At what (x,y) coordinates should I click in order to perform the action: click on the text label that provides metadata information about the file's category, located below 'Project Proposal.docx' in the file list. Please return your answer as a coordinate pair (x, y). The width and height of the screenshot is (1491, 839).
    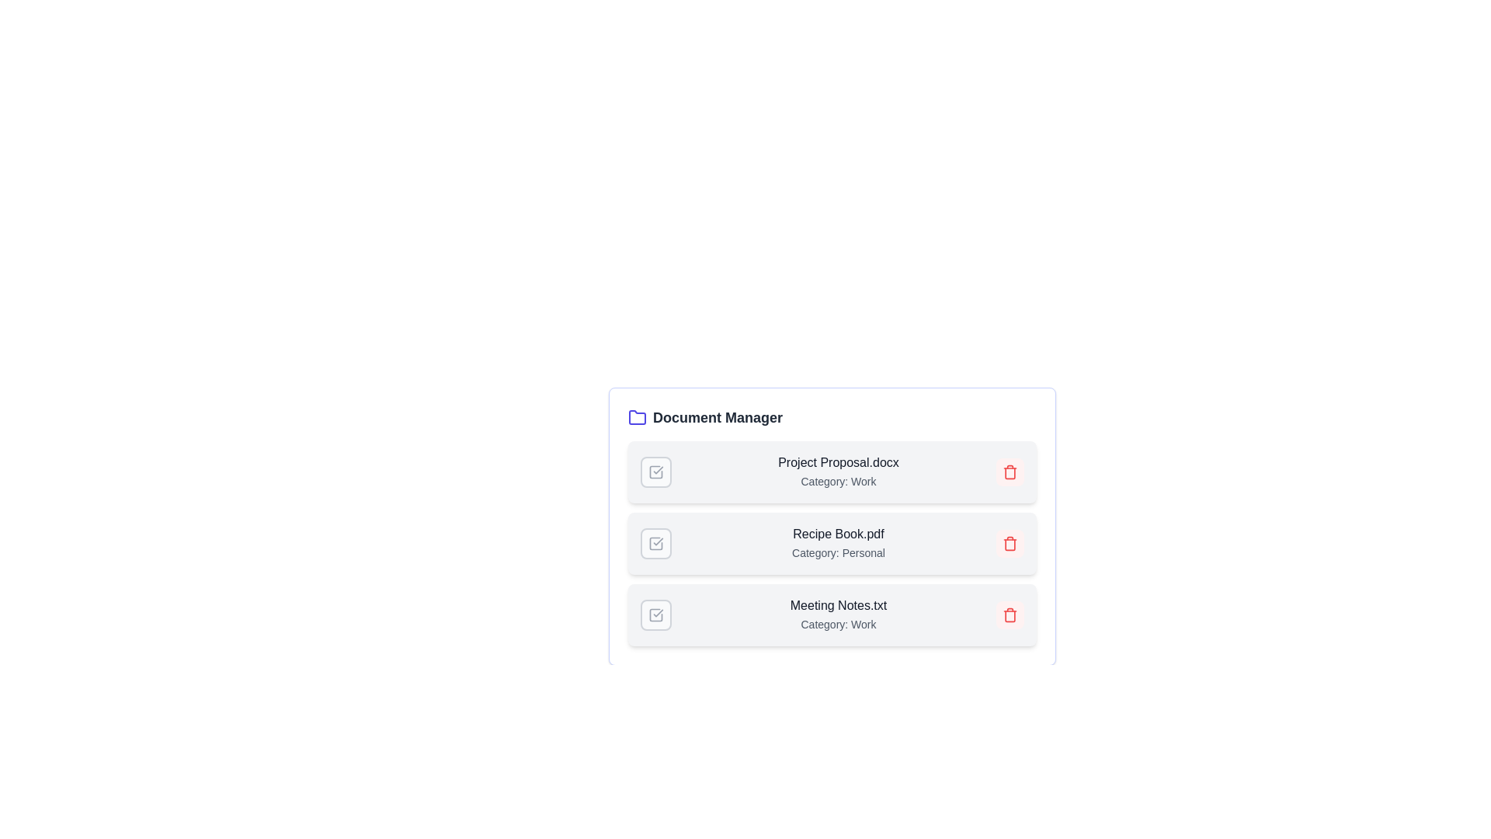
    Looking at the image, I should click on (838, 481).